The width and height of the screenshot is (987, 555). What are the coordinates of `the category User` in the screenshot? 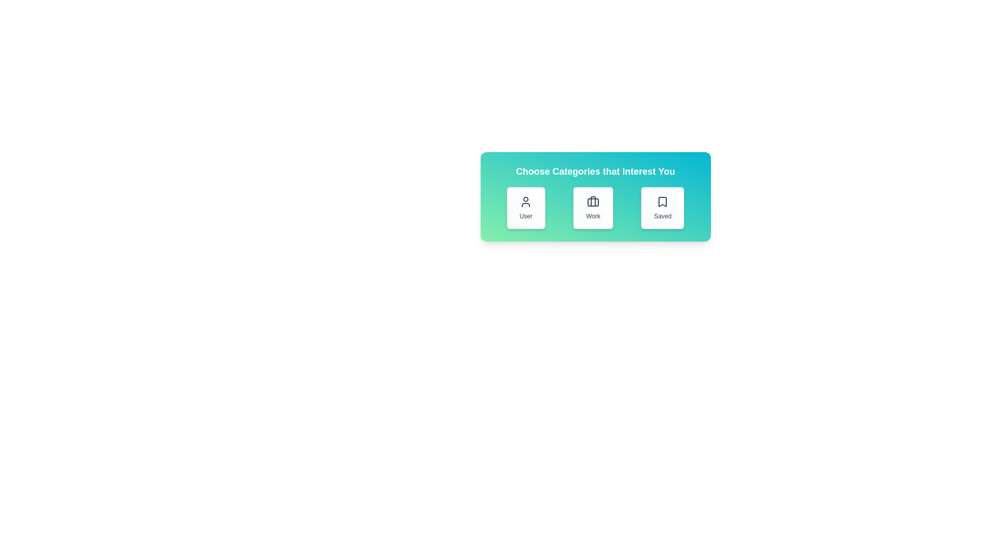 It's located at (526, 208).